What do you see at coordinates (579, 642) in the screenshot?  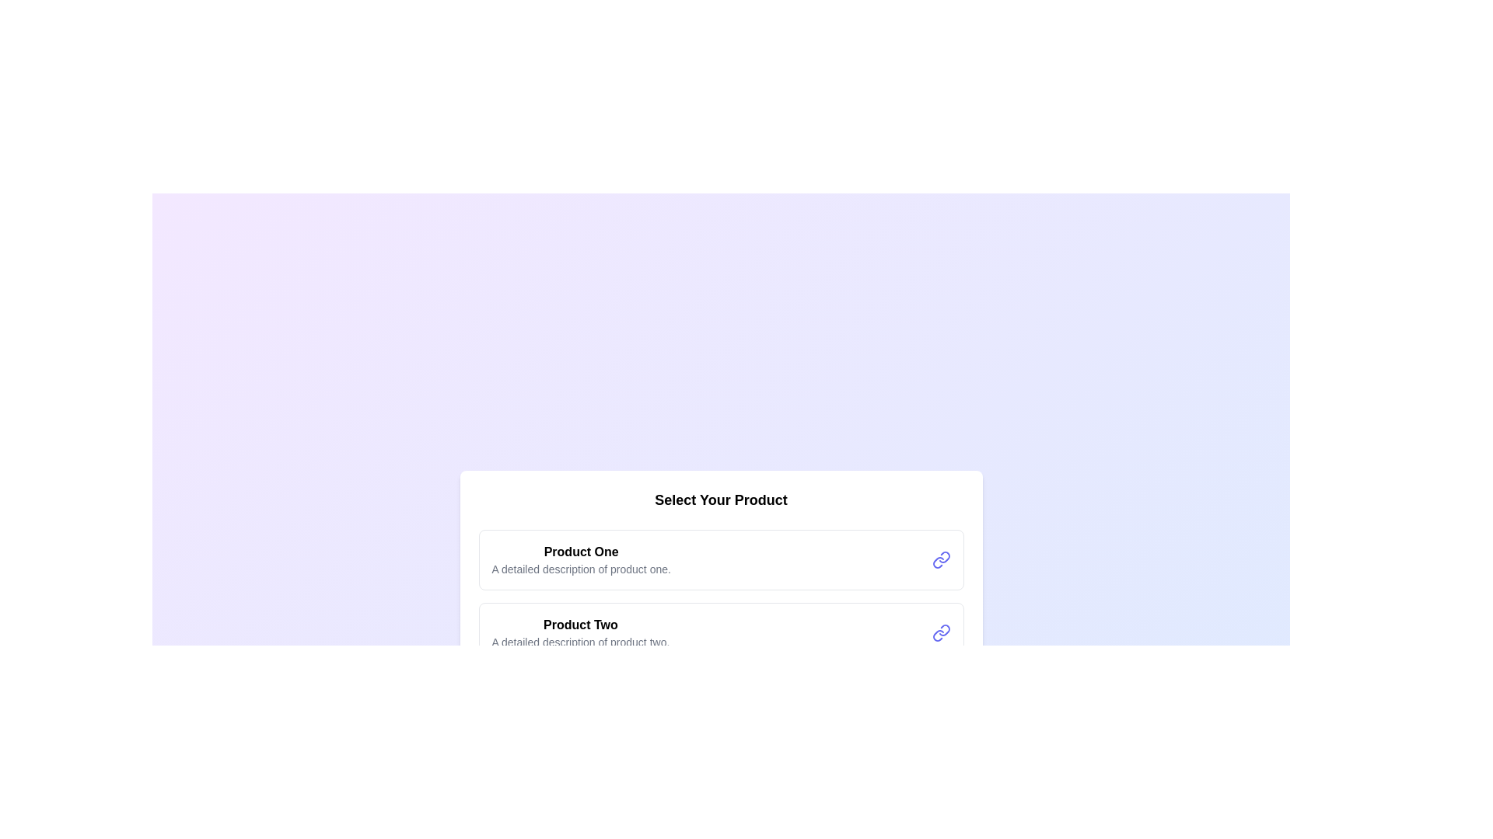 I see `the textual description that reads 'A detailed description of product two.' which is located below the title 'Product Two'` at bounding box center [579, 642].